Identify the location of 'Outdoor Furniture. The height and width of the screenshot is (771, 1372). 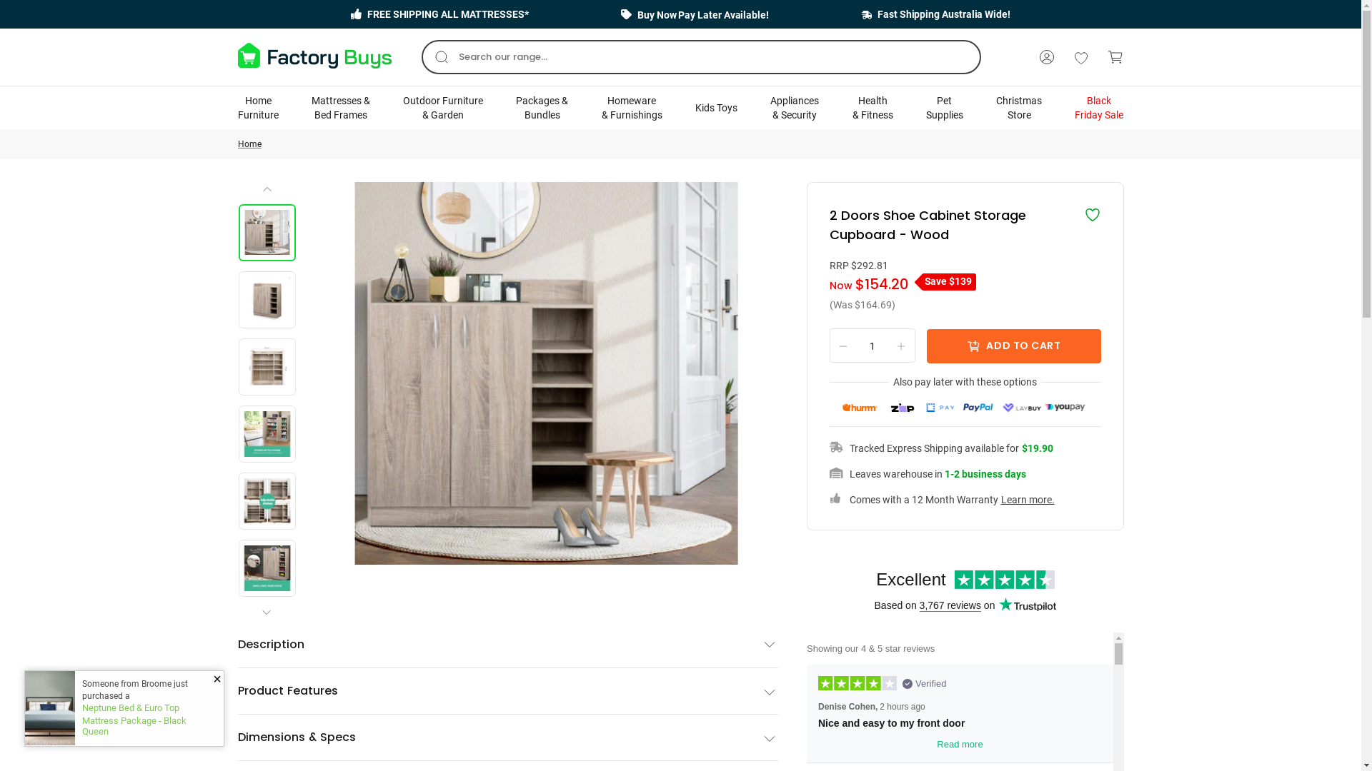
(402, 106).